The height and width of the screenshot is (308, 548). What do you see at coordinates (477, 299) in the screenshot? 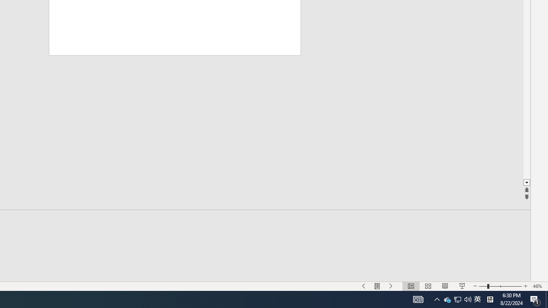
I see `'User Promoted Notification Area'` at bounding box center [477, 299].